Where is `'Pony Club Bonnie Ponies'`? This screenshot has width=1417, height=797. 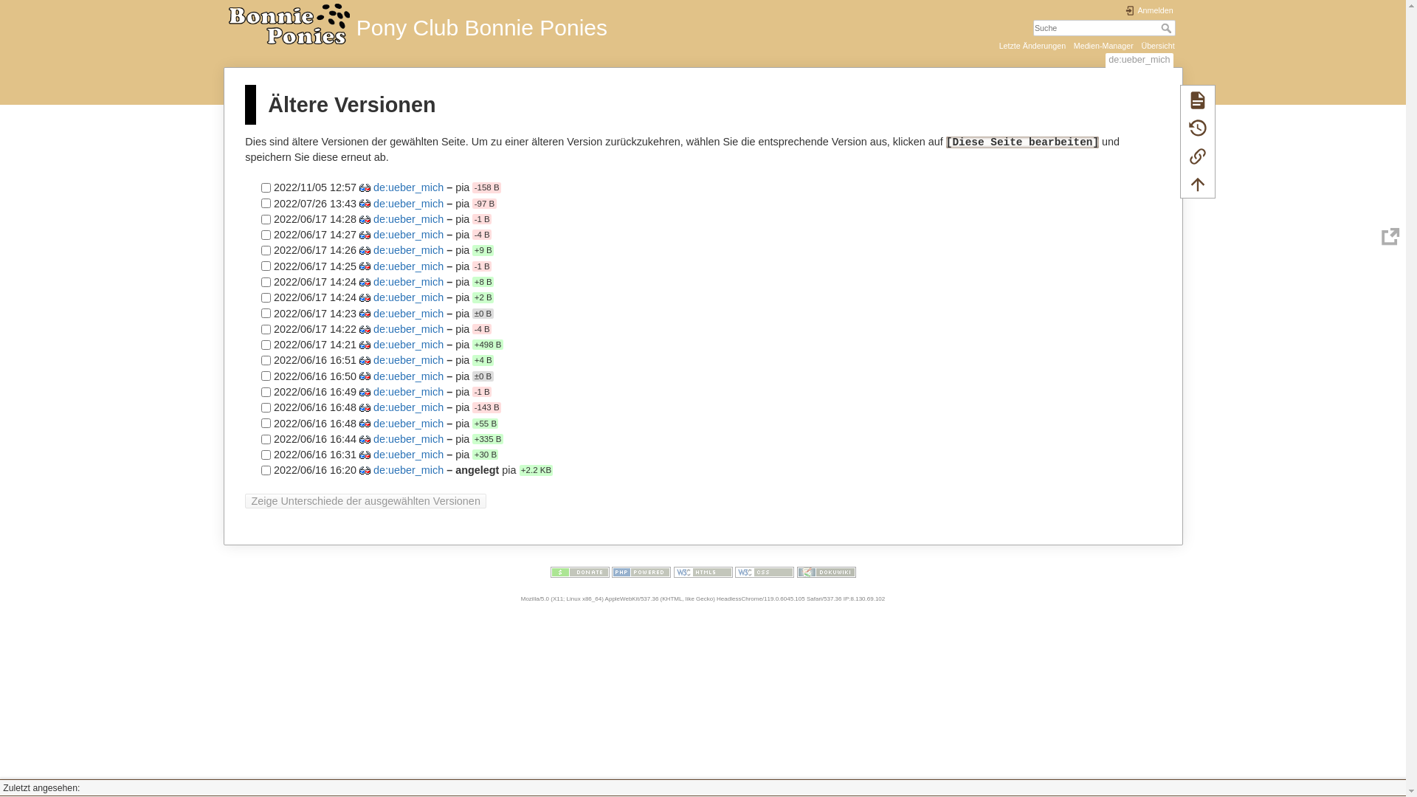 'Pony Club Bonnie Ponies' is located at coordinates (463, 22).